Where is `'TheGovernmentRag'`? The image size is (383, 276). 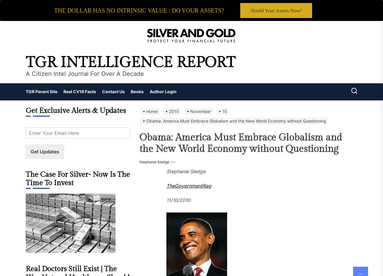 'TheGovernmentRag' is located at coordinates (189, 185).